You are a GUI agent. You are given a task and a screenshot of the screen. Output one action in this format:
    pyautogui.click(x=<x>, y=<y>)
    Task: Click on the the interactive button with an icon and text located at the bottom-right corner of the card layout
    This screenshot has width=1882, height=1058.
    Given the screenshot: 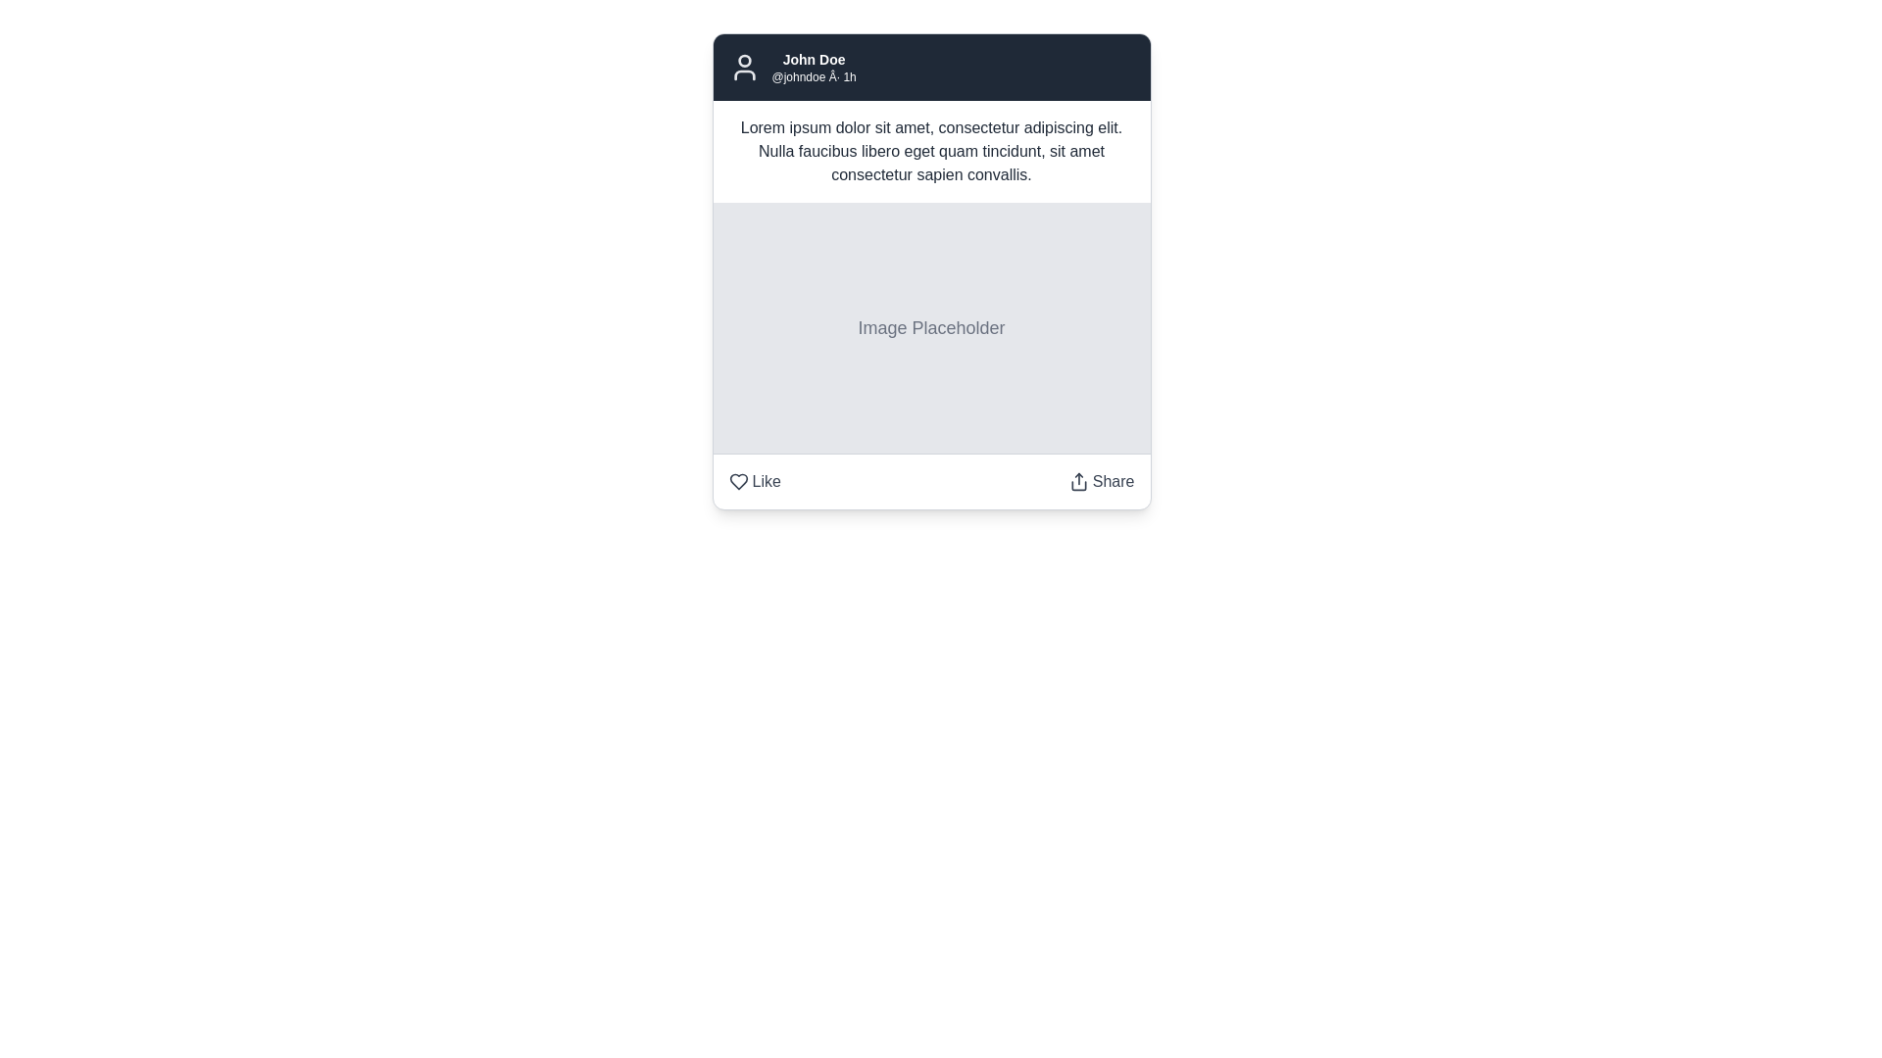 What is the action you would take?
    pyautogui.click(x=1102, y=482)
    